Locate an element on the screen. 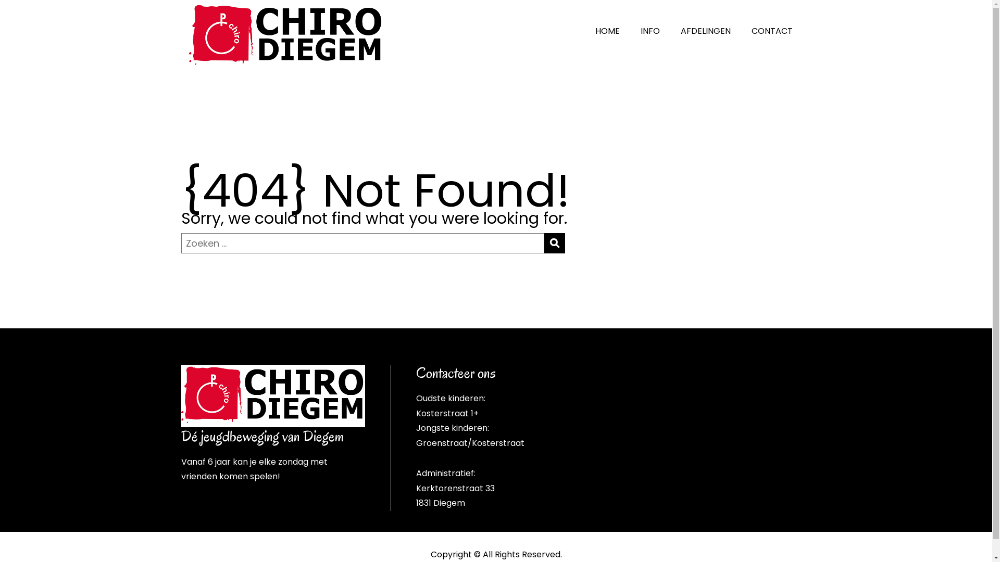  'CONTACT' is located at coordinates (740, 31).